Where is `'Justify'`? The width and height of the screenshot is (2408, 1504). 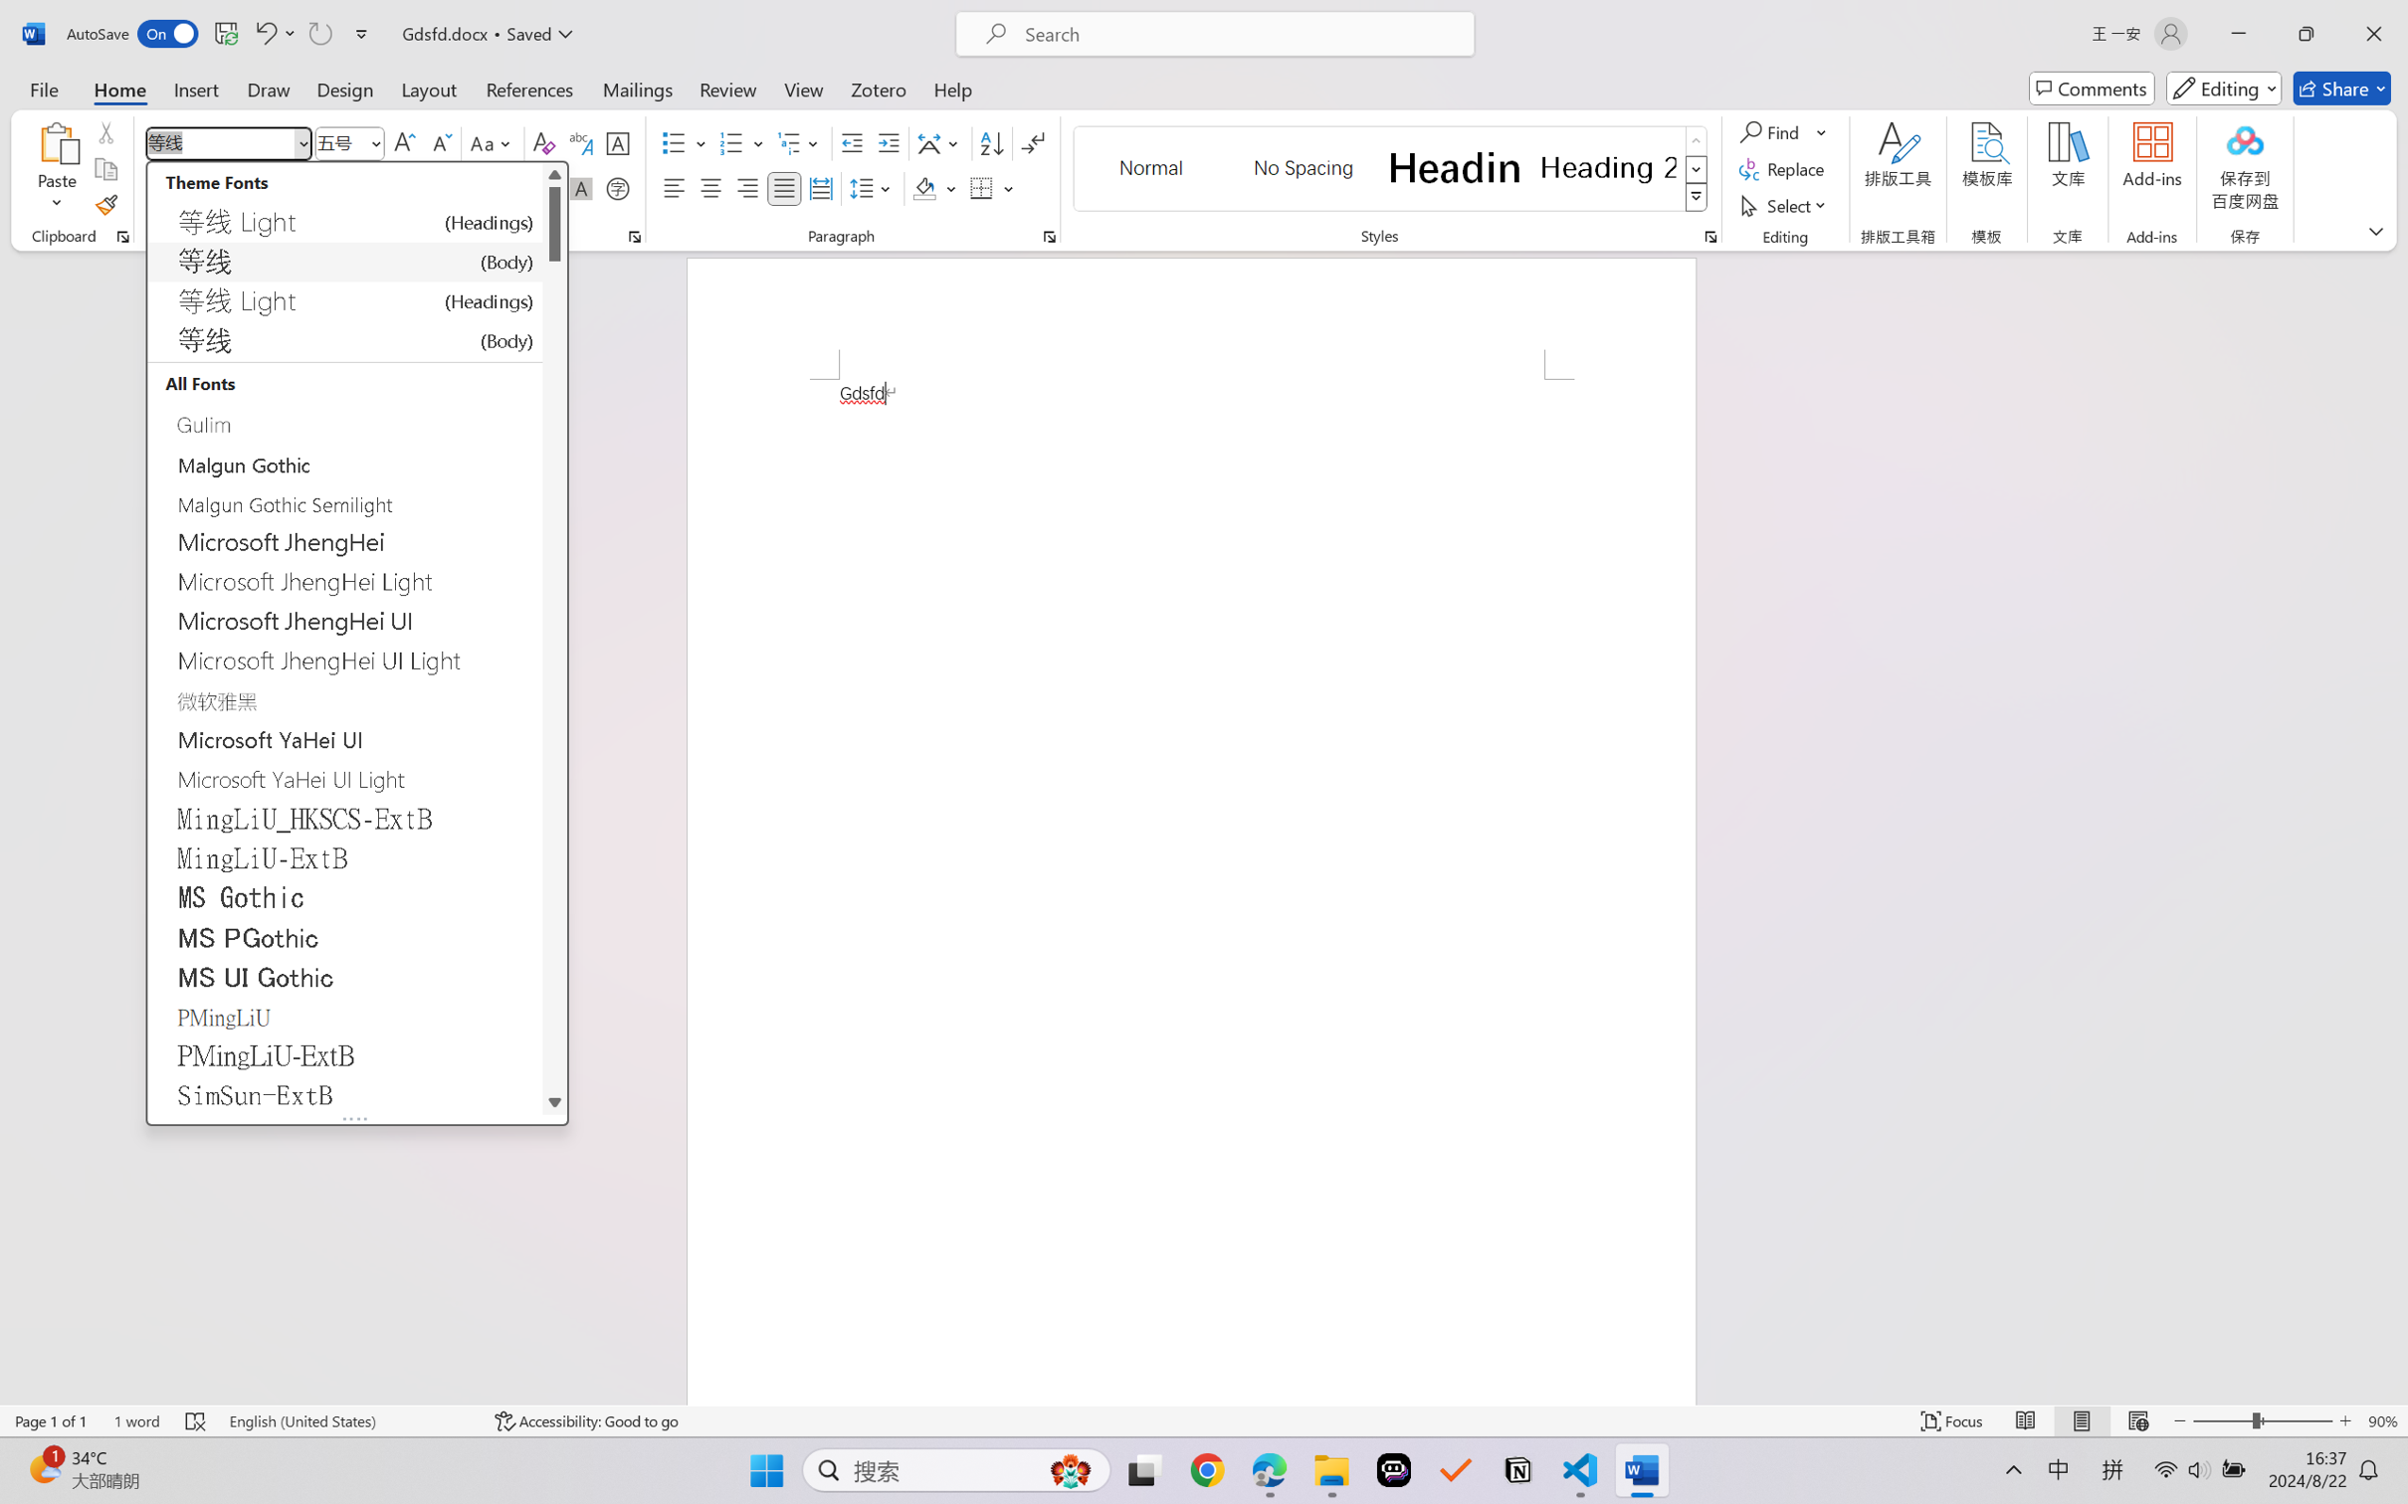 'Justify' is located at coordinates (783, 187).